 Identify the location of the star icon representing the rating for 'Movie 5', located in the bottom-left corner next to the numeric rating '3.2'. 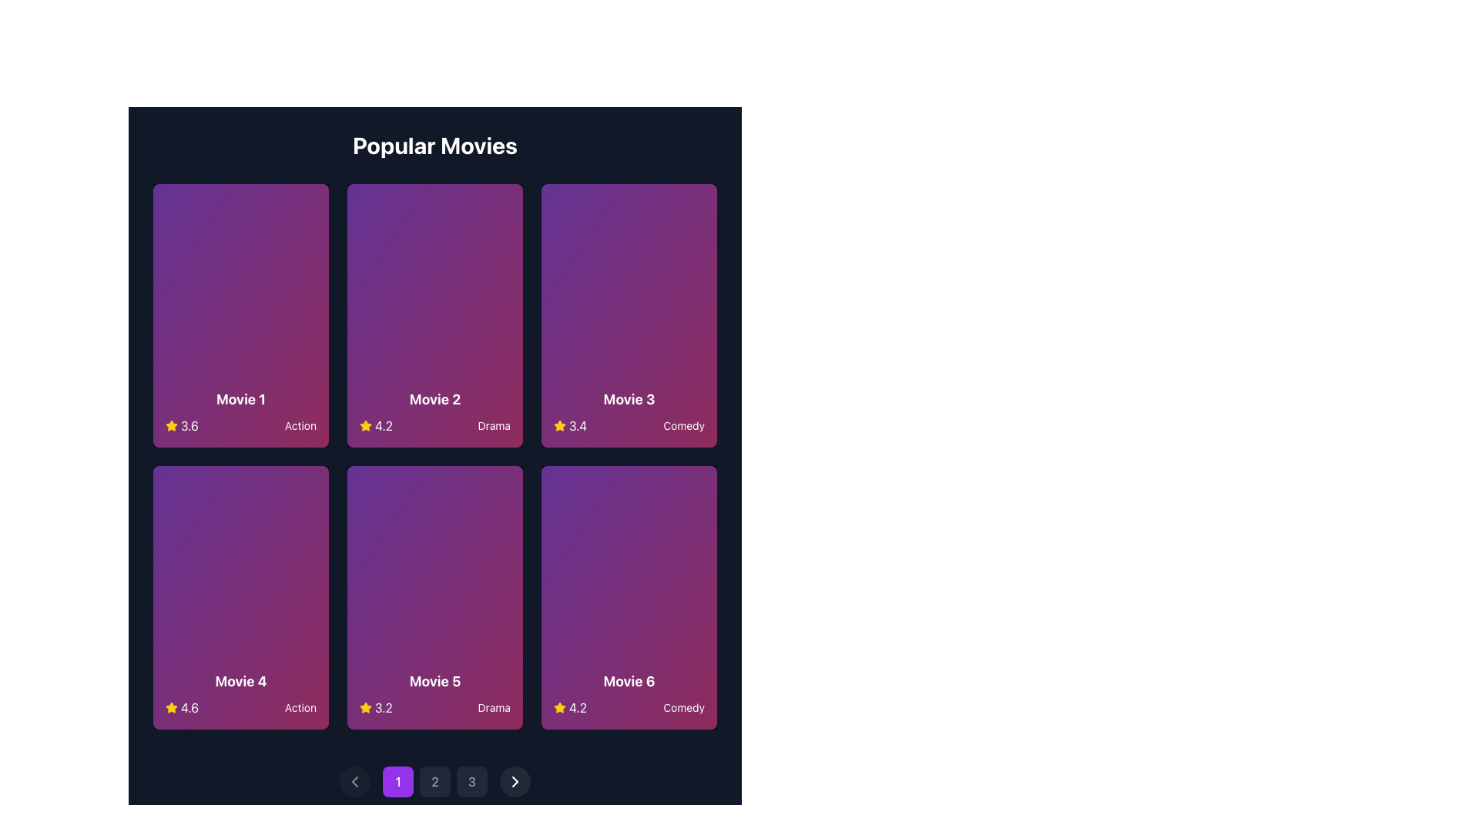
(365, 707).